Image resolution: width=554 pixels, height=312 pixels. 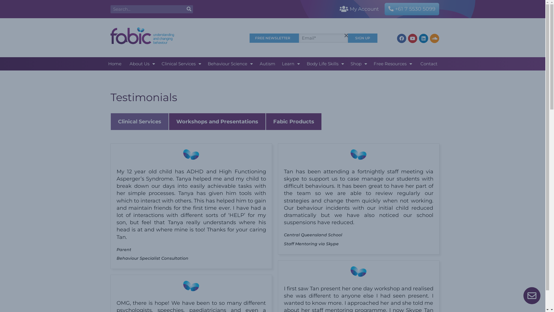 I want to click on 'Autism', so click(x=267, y=64).